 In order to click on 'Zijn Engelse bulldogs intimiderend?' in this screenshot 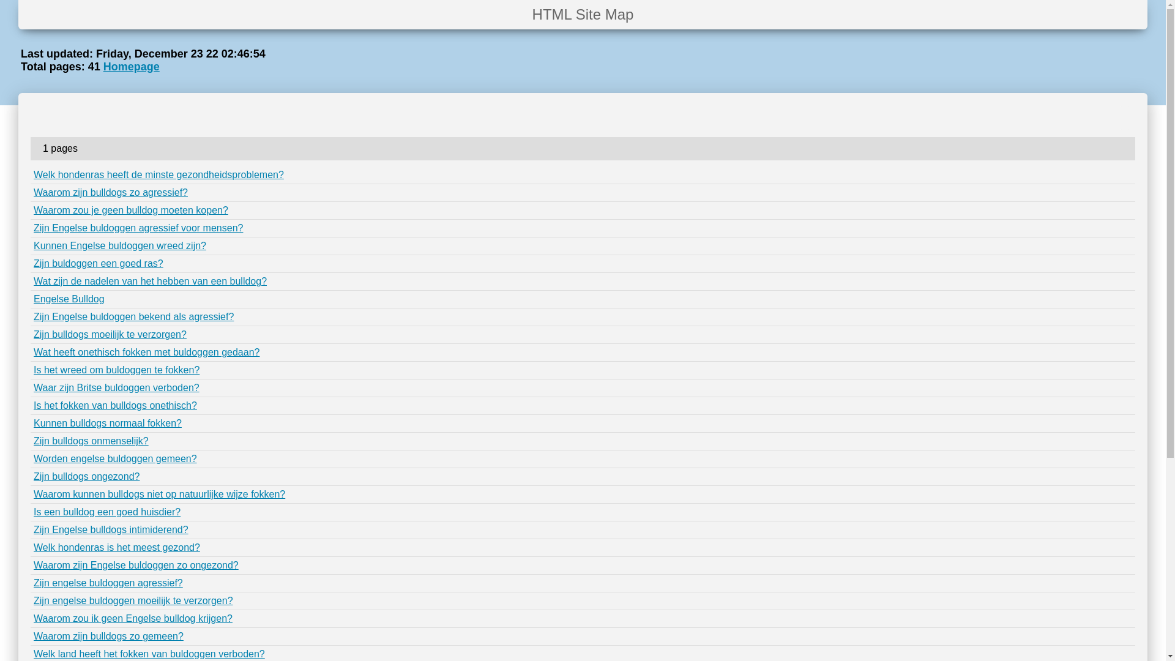, I will do `click(111, 529)`.